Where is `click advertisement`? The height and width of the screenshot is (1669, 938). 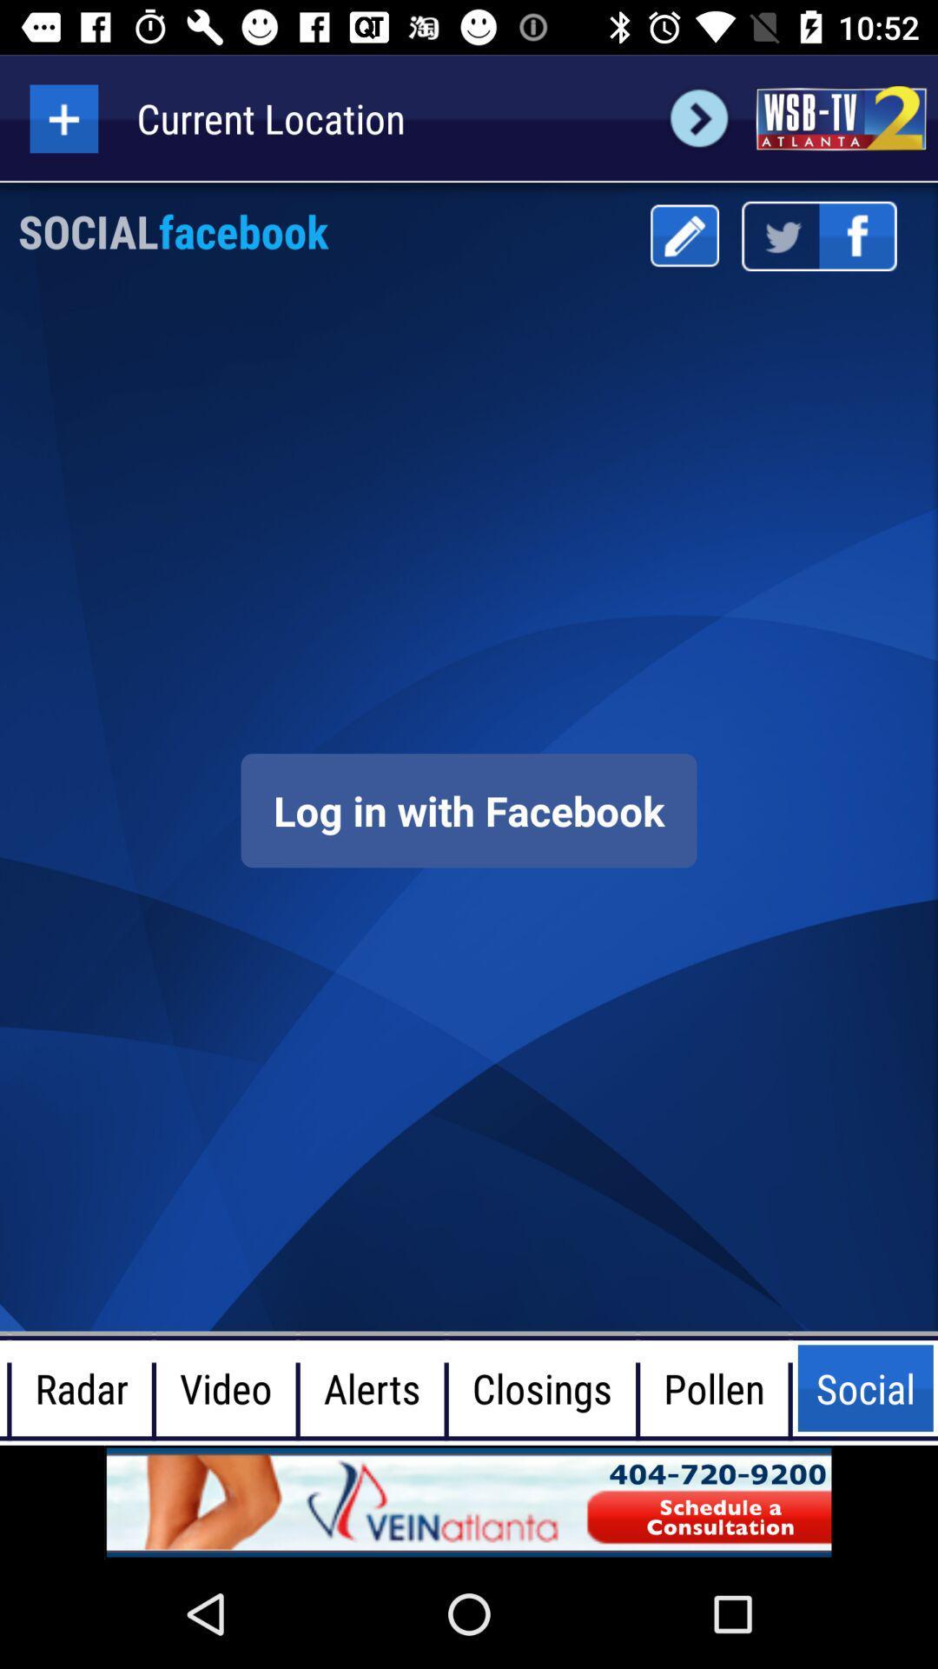 click advertisement is located at coordinates (469, 1501).